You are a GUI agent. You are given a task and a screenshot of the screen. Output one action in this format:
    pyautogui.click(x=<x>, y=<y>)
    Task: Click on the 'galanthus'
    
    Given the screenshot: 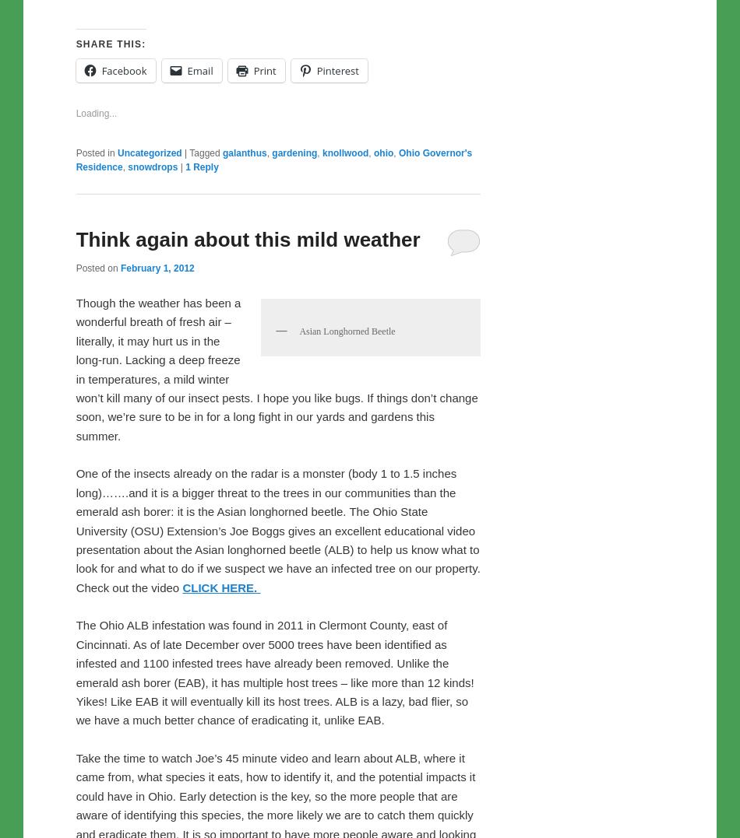 What is the action you would take?
    pyautogui.click(x=243, y=186)
    